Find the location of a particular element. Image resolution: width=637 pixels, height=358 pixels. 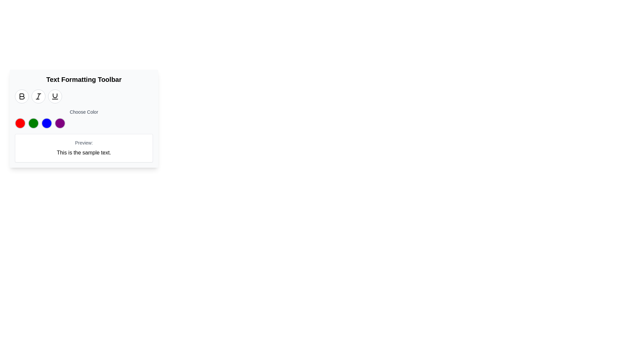

the circular button with a bold 'B' icon in the 'Text Formatting Toolbar' is located at coordinates (22, 96).